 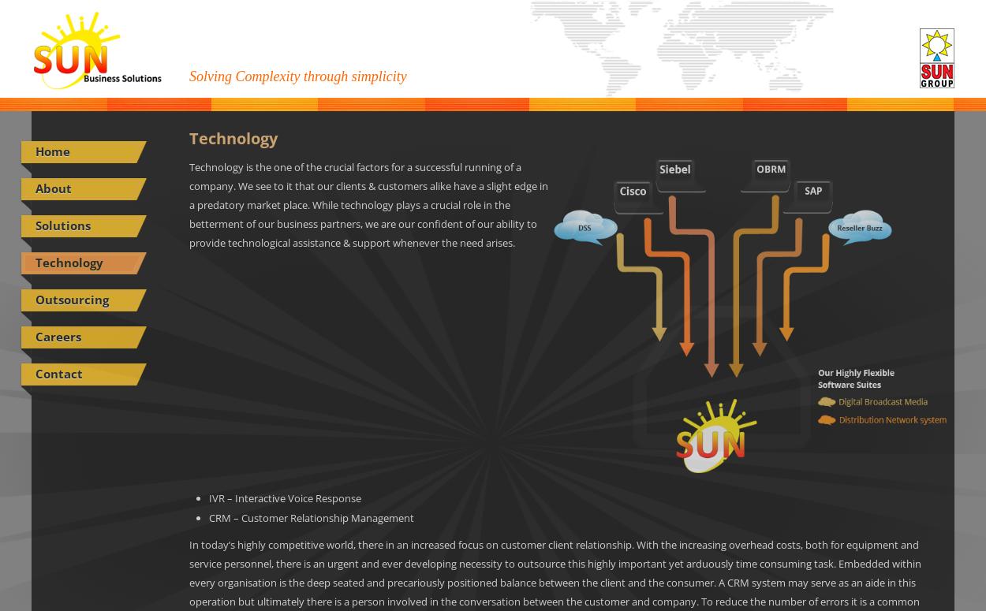 I want to click on 'About', so click(x=53, y=188).